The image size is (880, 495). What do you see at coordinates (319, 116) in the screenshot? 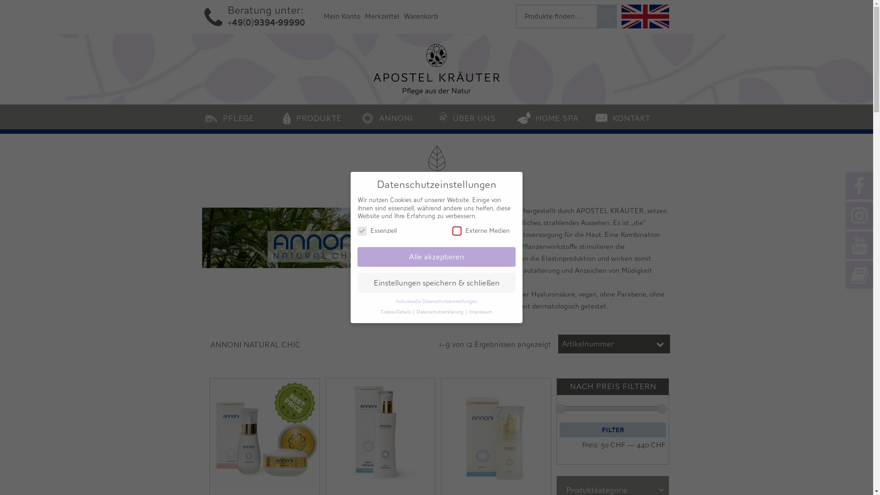
I see `'PRODUKTE'` at bounding box center [319, 116].